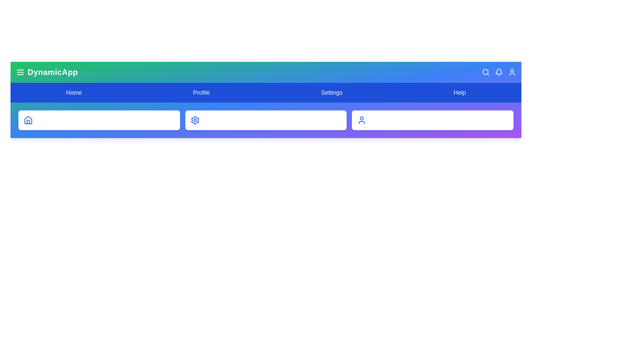 This screenshot has height=355, width=632. Describe the element at coordinates (499, 72) in the screenshot. I see `the Notifications button` at that location.